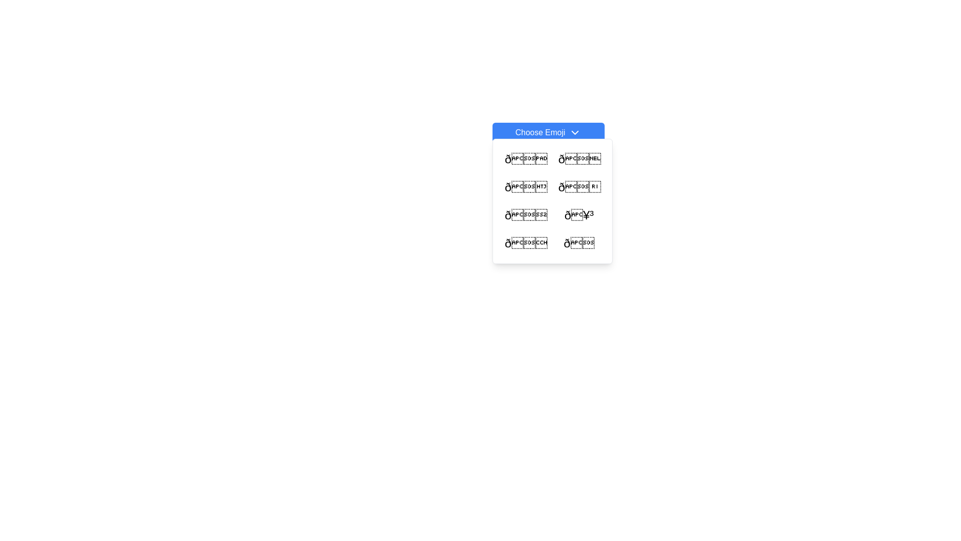  I want to click on the smiling face emoji icon in the first row and second column of the emoji grid, so click(579, 158).